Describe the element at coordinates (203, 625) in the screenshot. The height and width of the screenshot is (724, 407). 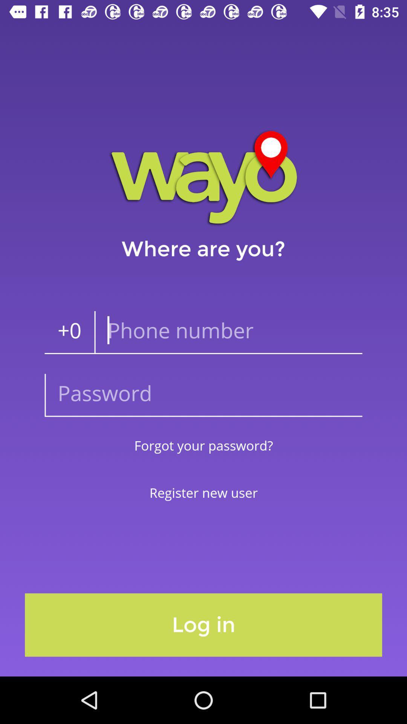
I see `the icon below register new user icon` at that location.